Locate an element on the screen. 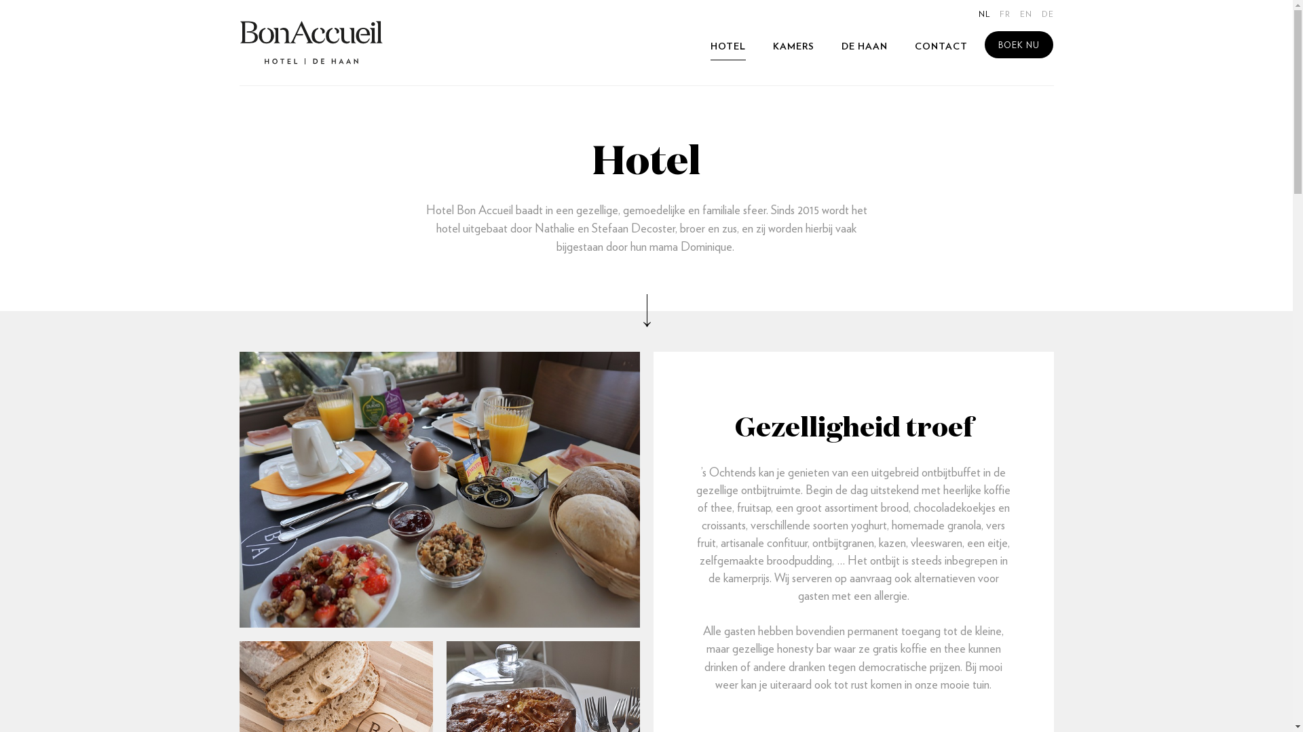 The width and height of the screenshot is (1303, 732). 'KAMERS' is located at coordinates (793, 46).